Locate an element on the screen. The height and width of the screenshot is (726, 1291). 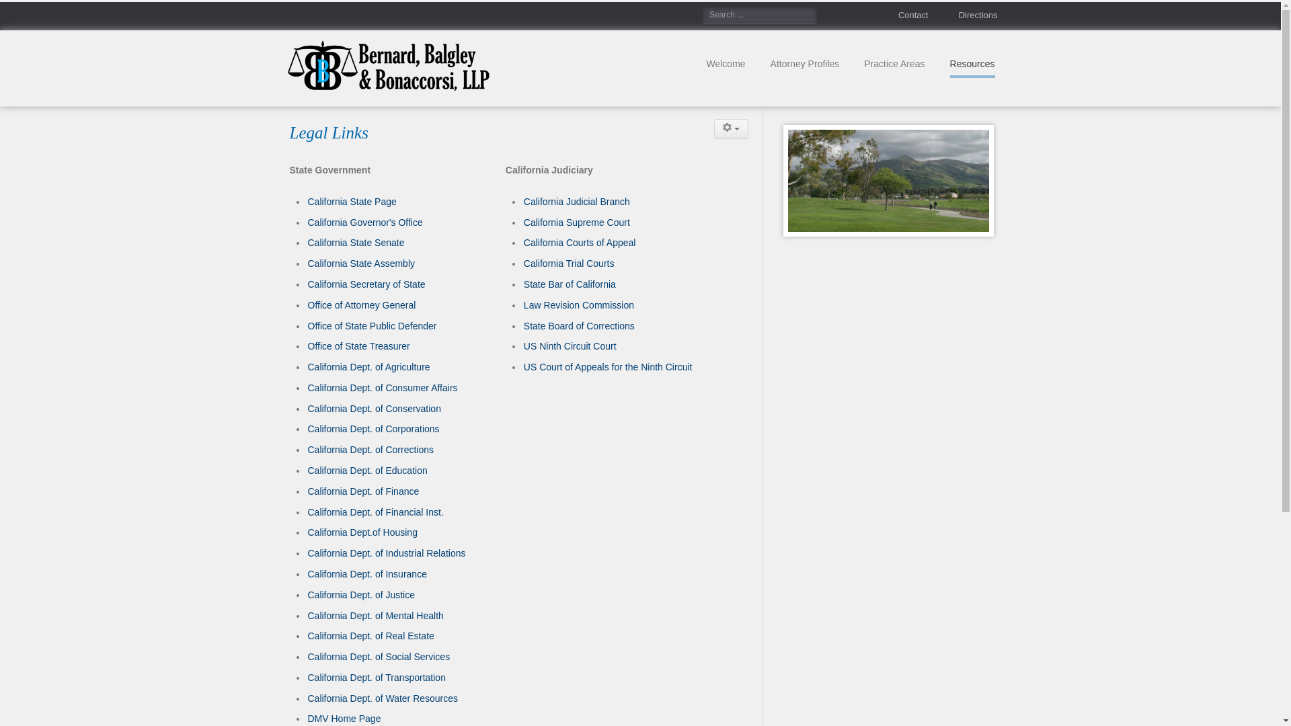
'California Secretary of State' is located at coordinates (366, 284).